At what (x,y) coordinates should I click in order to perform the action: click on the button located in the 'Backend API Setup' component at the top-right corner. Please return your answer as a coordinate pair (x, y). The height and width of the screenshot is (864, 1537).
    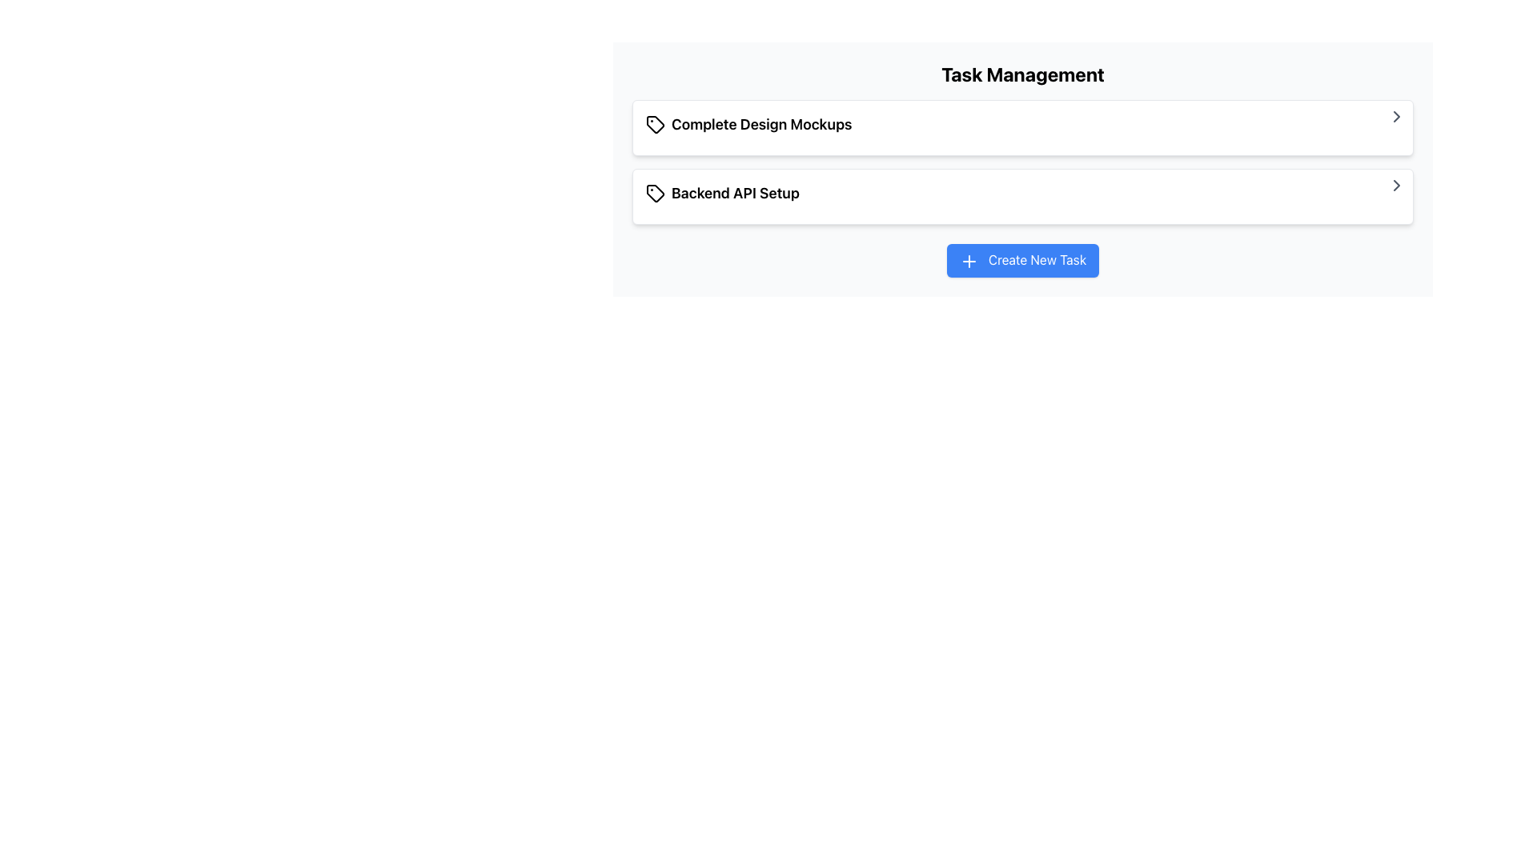
    Looking at the image, I should click on (1396, 184).